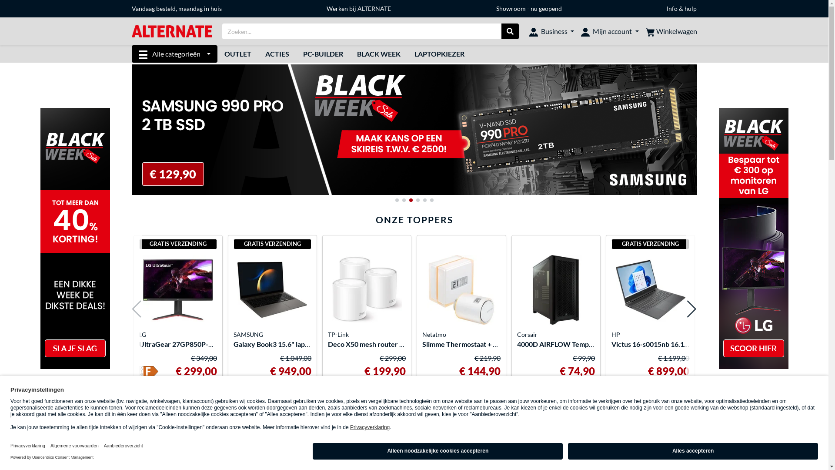 This screenshot has width=835, height=470. I want to click on 'Business', so click(551, 31).